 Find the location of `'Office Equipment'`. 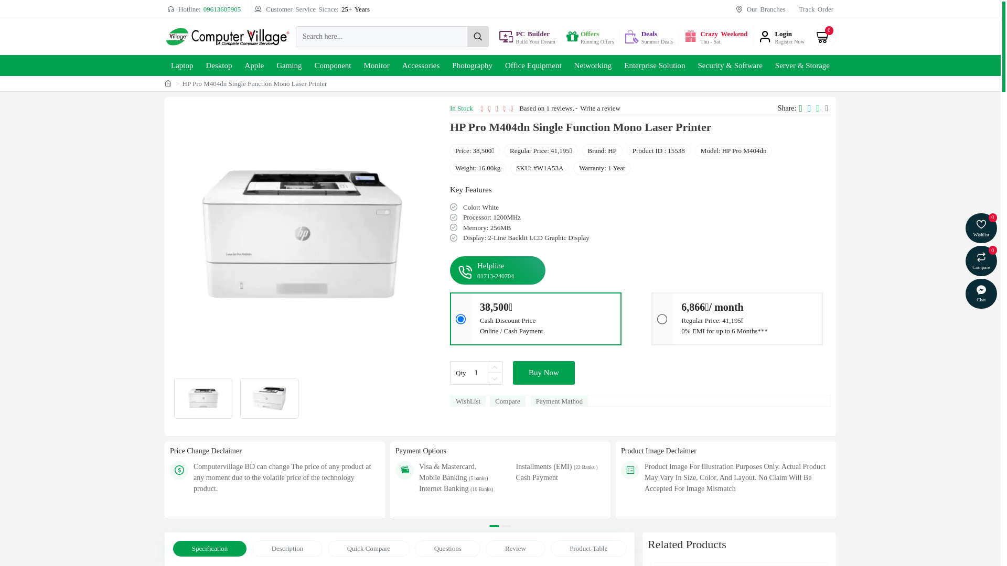

'Office Equipment' is located at coordinates (533, 65).